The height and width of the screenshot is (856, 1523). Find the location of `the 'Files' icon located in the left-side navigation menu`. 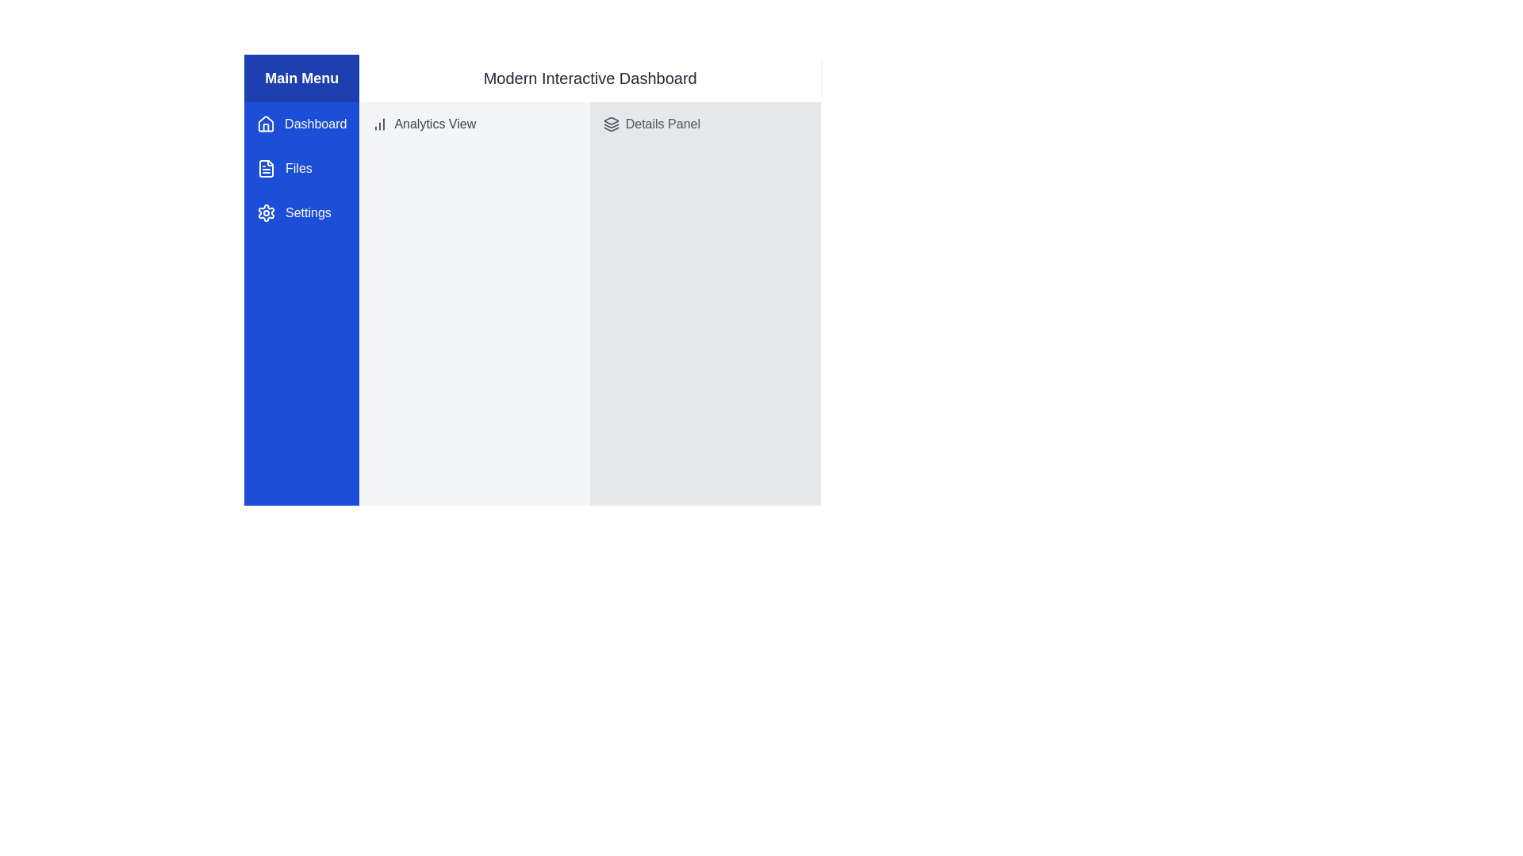

the 'Files' icon located in the left-side navigation menu is located at coordinates (267, 168).